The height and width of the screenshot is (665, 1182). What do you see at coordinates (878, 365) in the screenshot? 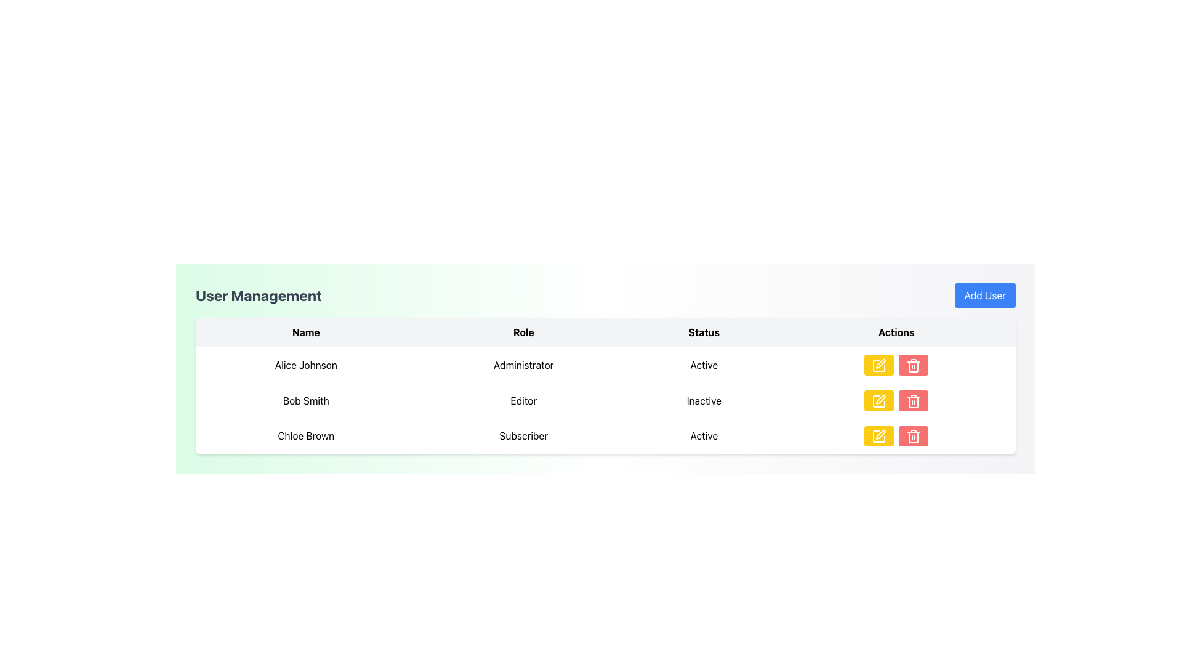
I see `the pencil icon in the 'Actions' column of the first row of the table` at bounding box center [878, 365].